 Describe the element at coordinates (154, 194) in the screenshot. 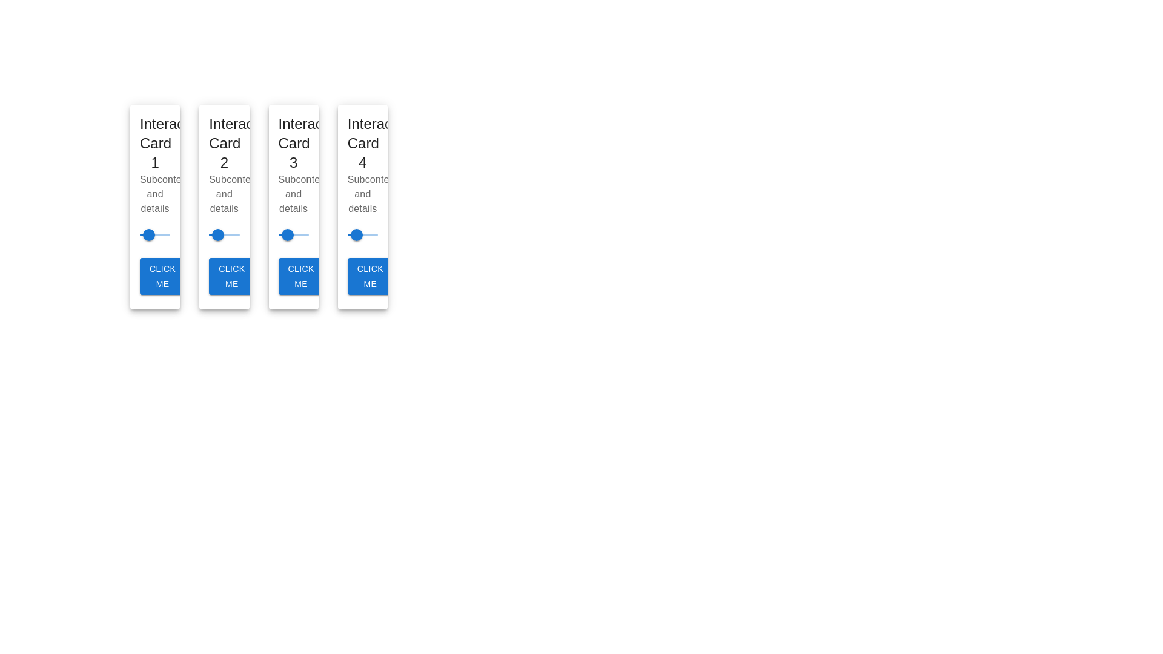

I see `the static text label located beneath the header 'Interactive Card 1' and above the slider control in the first card` at that location.